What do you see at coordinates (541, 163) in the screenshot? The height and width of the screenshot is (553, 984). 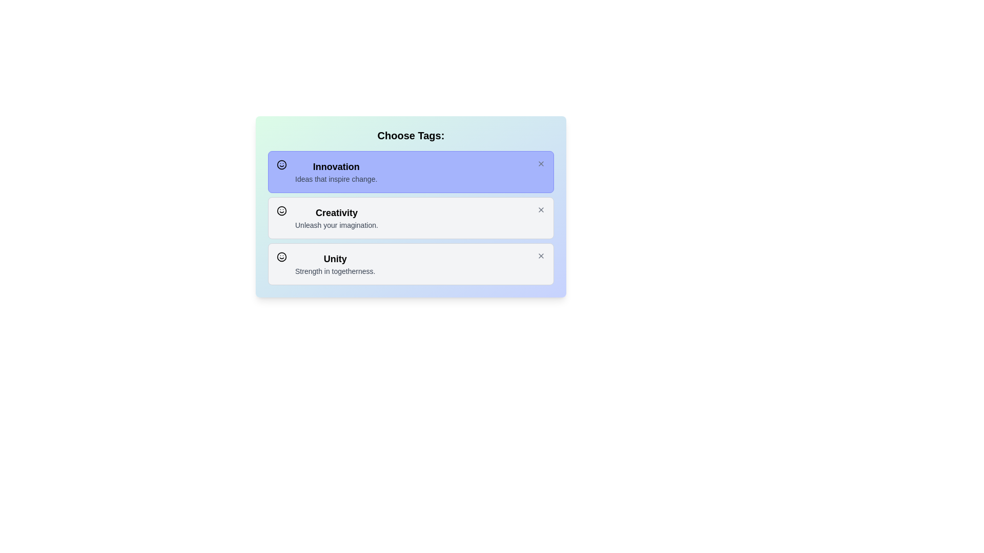 I see `close button of the theme card identified by Innovation` at bounding box center [541, 163].